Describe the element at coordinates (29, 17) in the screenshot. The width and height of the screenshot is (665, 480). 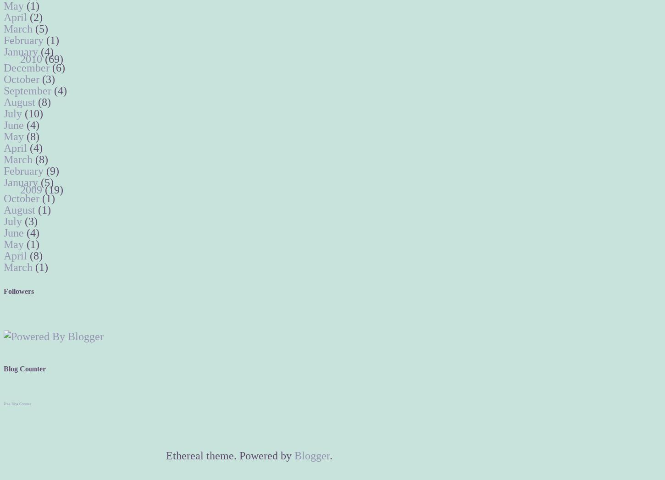
I see `'(2)'` at that location.